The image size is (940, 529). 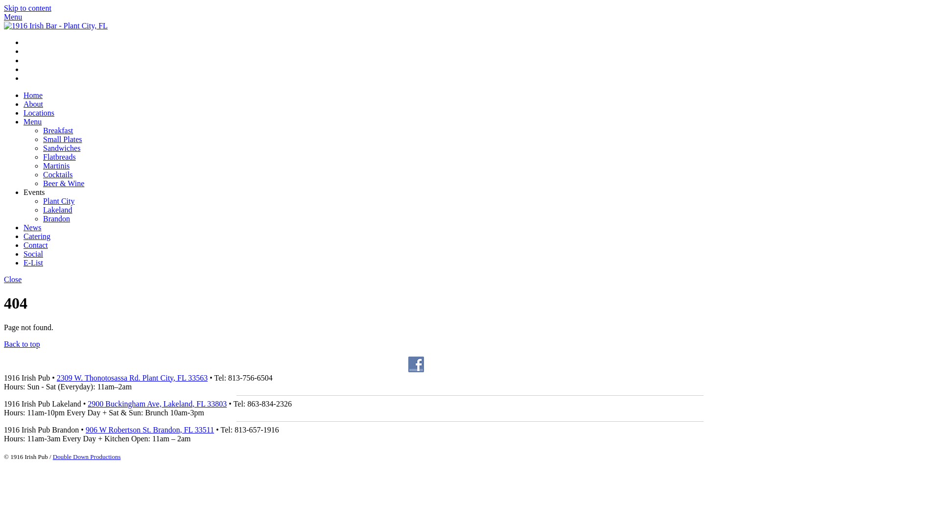 What do you see at coordinates (39, 112) in the screenshot?
I see `'Locations'` at bounding box center [39, 112].